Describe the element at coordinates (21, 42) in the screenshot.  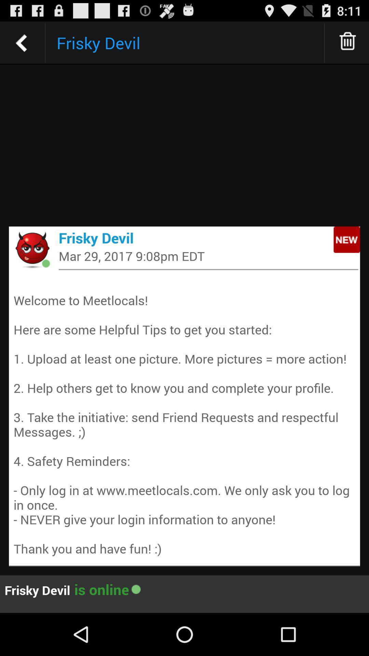
I see `back` at that location.